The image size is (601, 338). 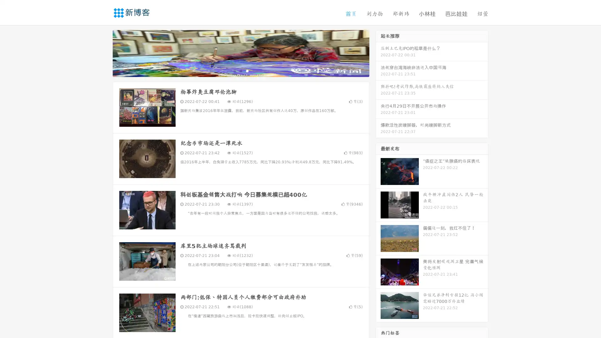 I want to click on Go to slide 2, so click(x=240, y=70).